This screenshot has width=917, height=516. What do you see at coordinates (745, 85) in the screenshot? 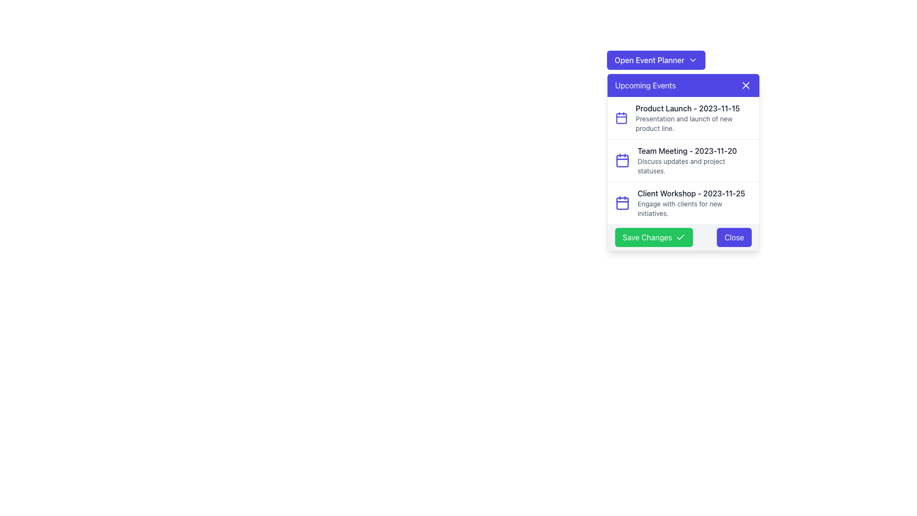
I see `the Close button icon located in the top-right corner of the 'Upcoming Events' section header within the dropdown panel` at bounding box center [745, 85].